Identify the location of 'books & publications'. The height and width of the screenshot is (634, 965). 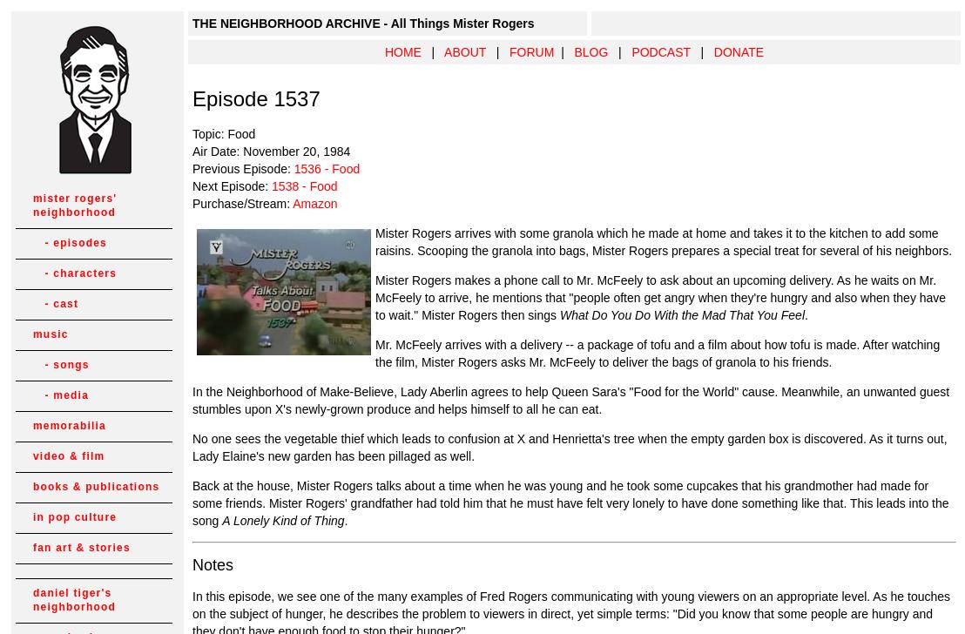
(96, 487).